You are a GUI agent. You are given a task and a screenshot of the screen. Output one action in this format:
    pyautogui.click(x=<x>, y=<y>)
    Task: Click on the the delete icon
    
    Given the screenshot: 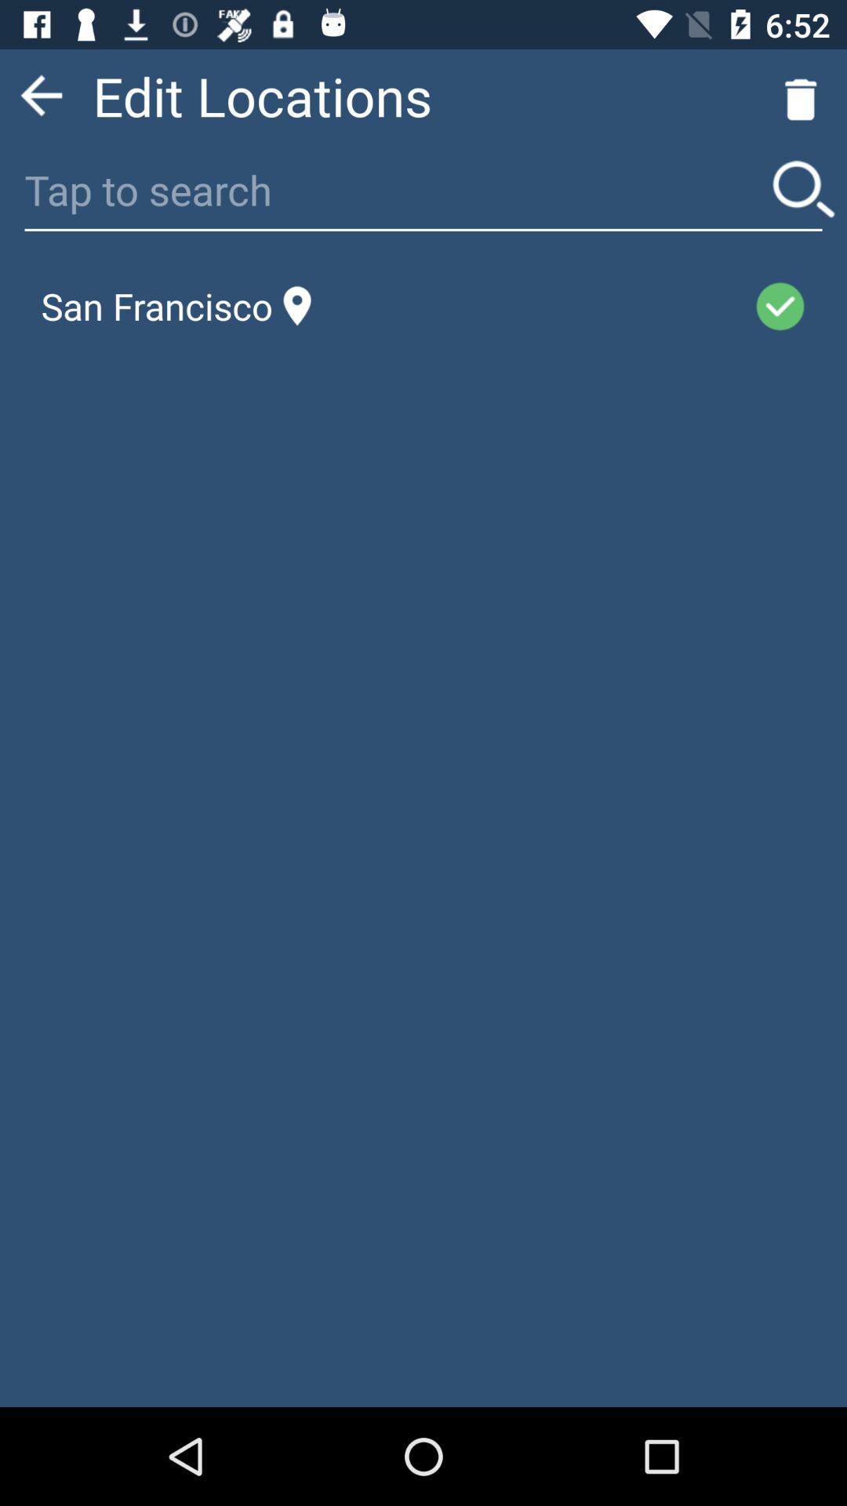 What is the action you would take?
    pyautogui.click(x=801, y=101)
    